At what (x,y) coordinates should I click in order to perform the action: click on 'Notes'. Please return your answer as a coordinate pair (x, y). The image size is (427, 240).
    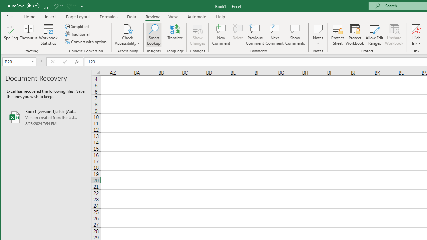
    Looking at the image, I should click on (318, 35).